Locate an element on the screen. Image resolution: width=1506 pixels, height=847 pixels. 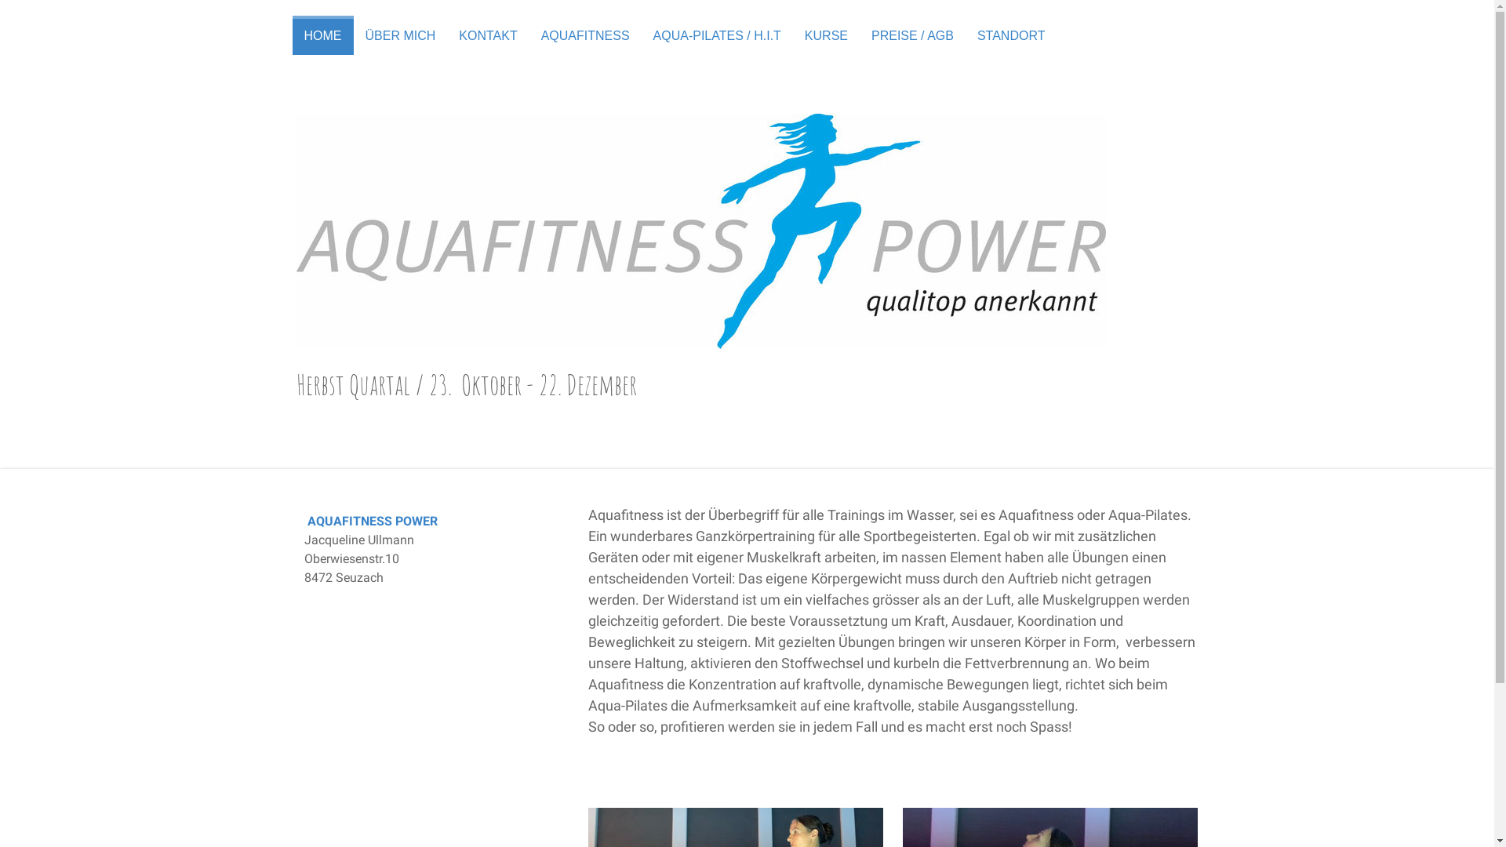
'STANDORT' is located at coordinates (1011, 35).